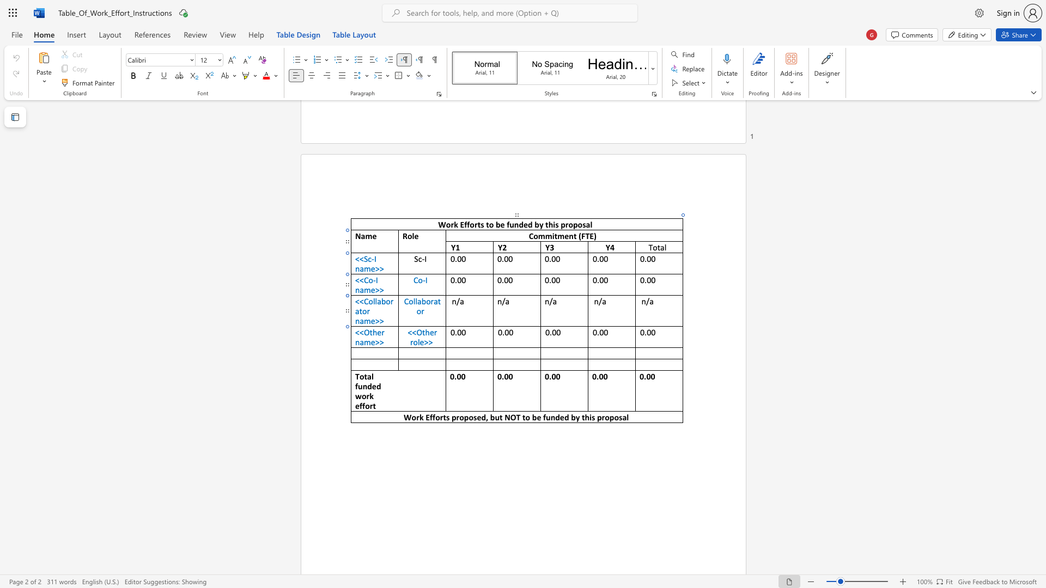 The image size is (1046, 588). What do you see at coordinates (376, 385) in the screenshot?
I see `the space between the continuous character "e" and "d" in the text` at bounding box center [376, 385].